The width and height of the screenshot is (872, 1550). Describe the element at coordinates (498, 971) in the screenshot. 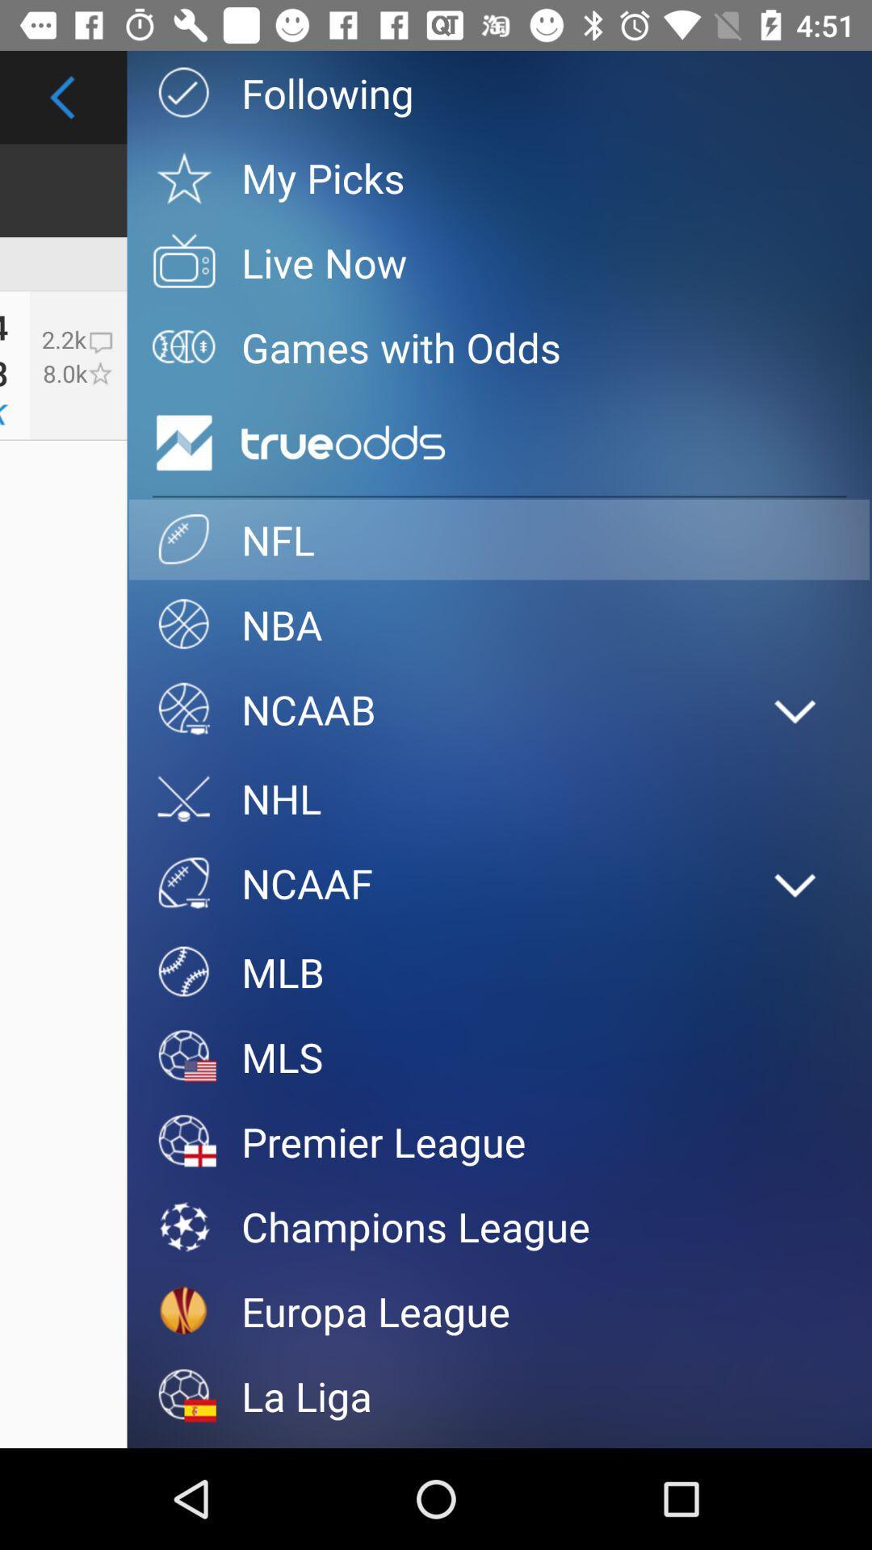

I see `the mlb item` at that location.